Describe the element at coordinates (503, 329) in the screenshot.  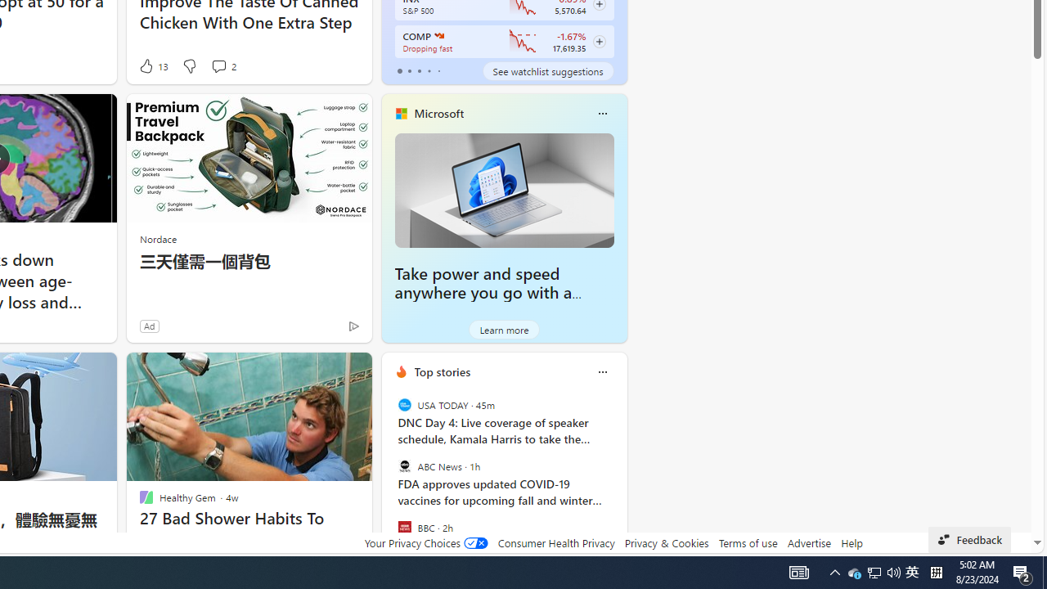
I see `'Learn more'` at that location.